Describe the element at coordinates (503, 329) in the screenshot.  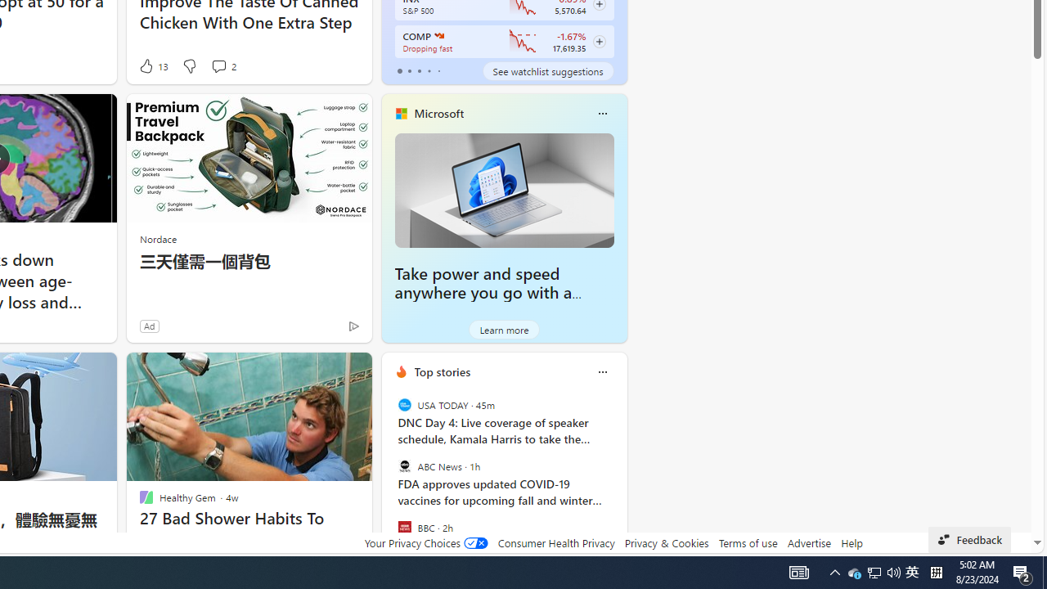
I see `'Learn more'` at that location.